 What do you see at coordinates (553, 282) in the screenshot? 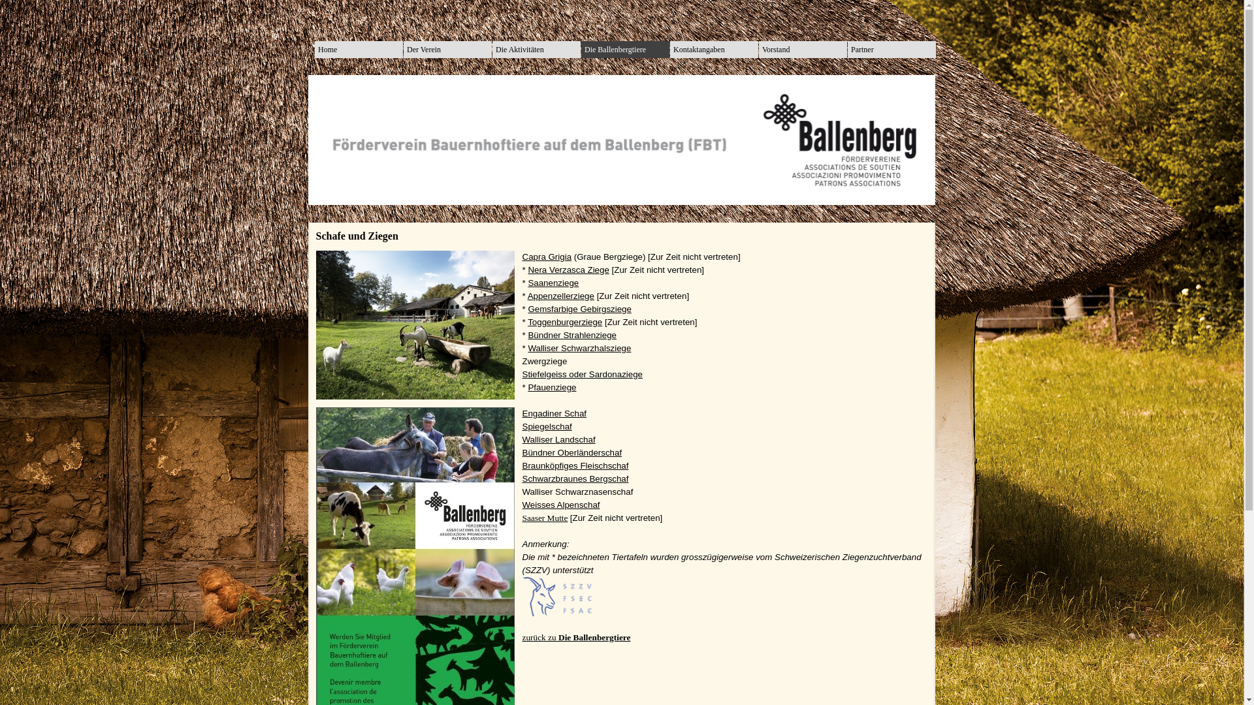
I see `'Saanenziege'` at bounding box center [553, 282].